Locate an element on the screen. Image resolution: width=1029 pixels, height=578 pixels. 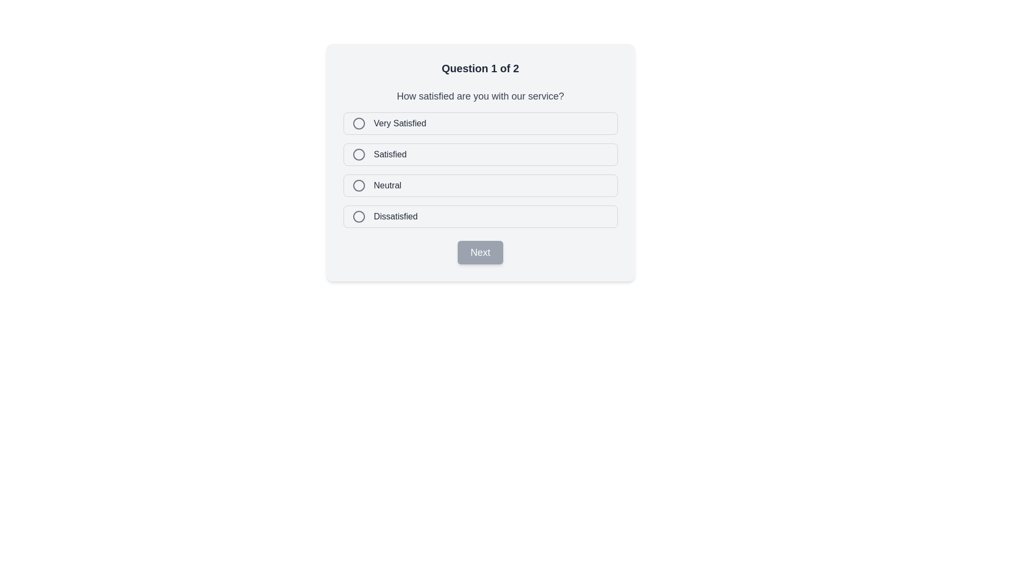
the inner circle of the radio button adjacent to the 'Neutral' label is located at coordinates (359, 185).